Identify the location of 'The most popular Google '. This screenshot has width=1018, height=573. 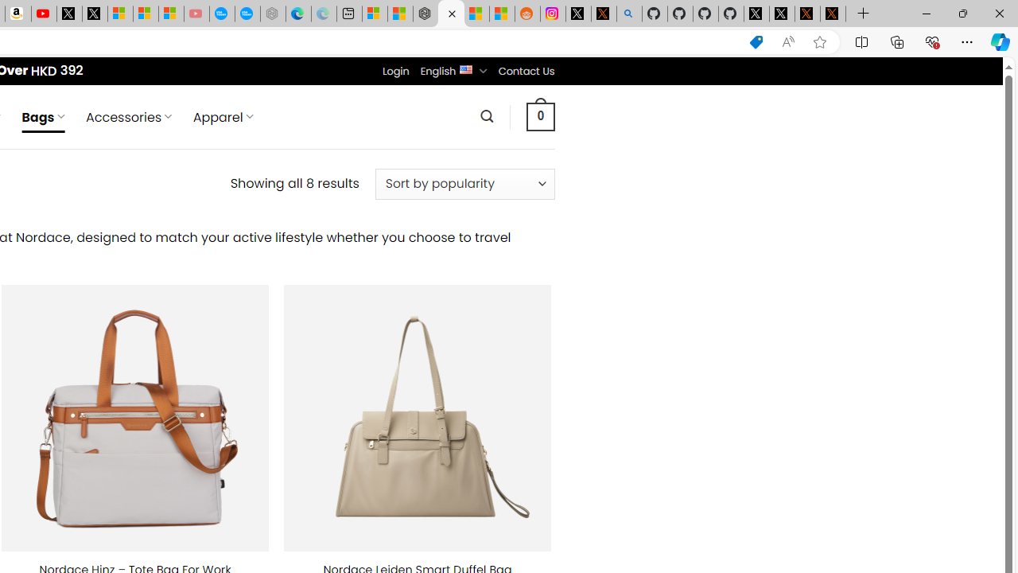
(247, 14).